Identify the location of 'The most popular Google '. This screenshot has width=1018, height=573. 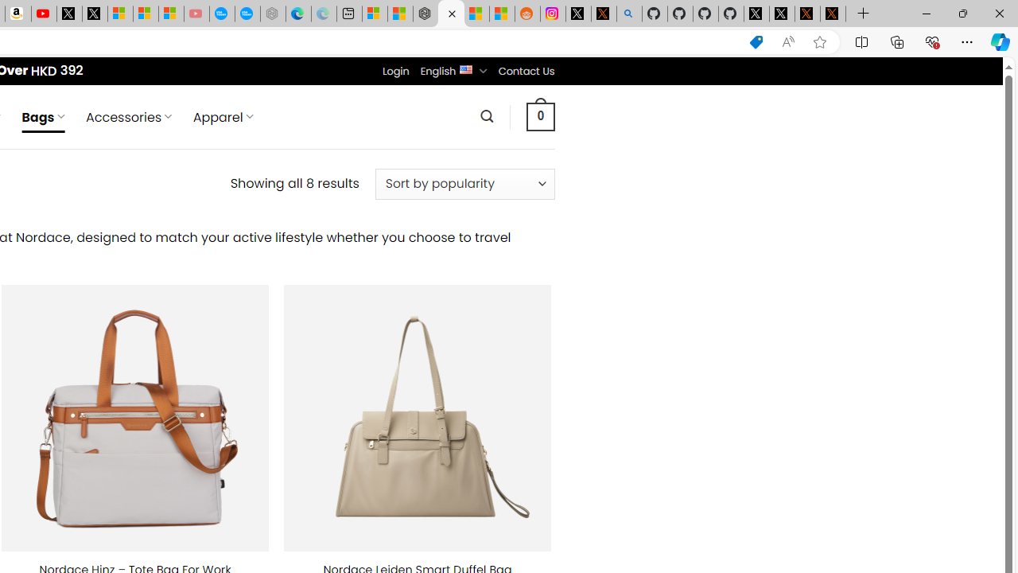
(247, 14).